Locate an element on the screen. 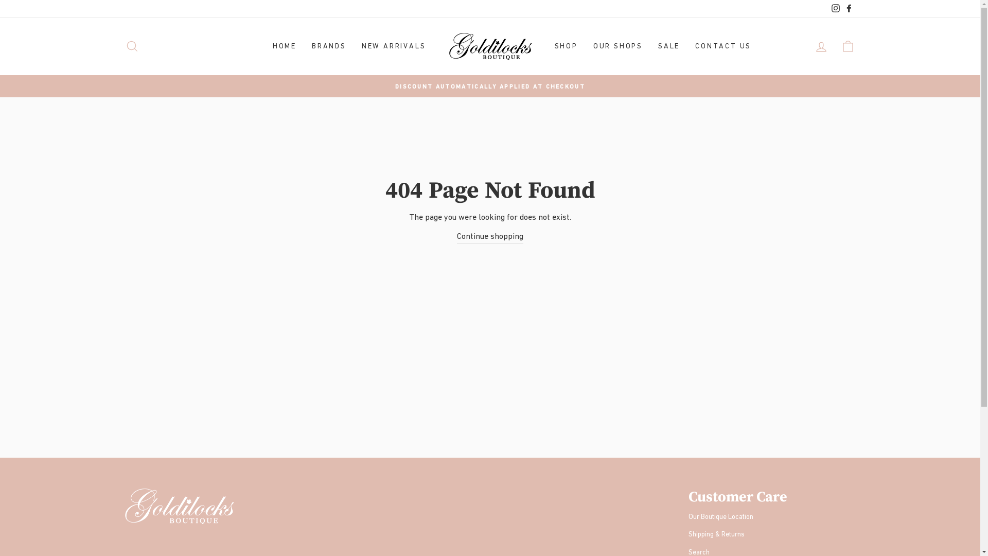 The width and height of the screenshot is (988, 556). 'Instagram' is located at coordinates (835, 8).